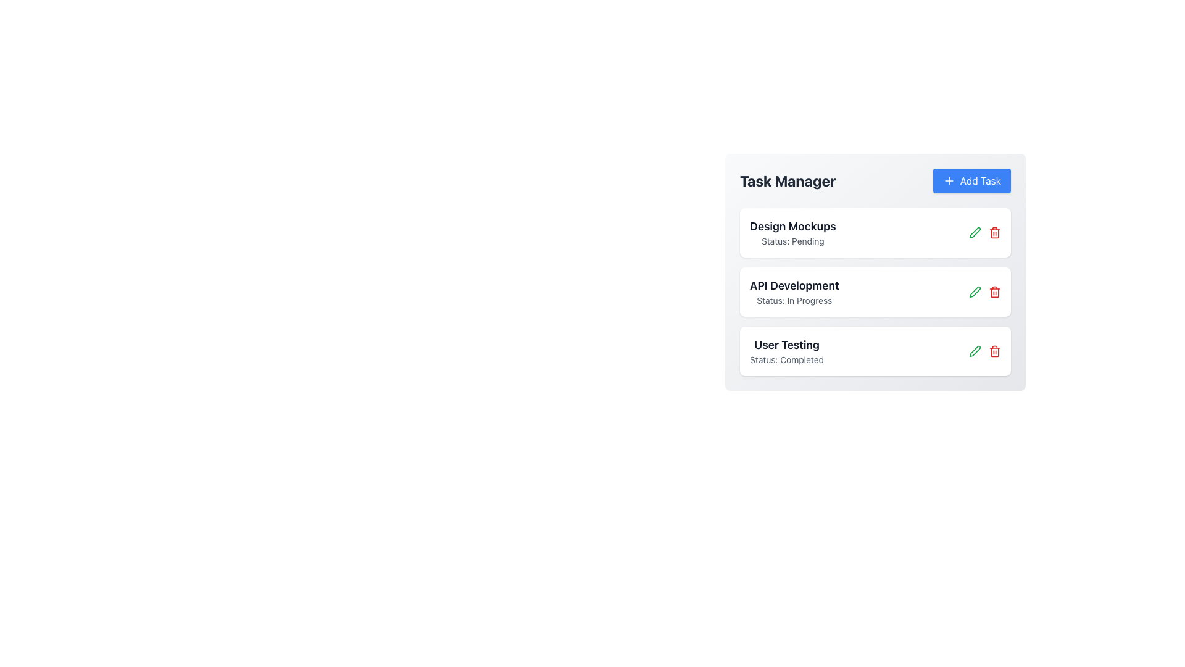 Image resolution: width=1185 pixels, height=667 pixels. I want to click on the informational text display that contains 'User Testing' and 'Status: Completed' for accessibility-related actions, so click(786, 351).